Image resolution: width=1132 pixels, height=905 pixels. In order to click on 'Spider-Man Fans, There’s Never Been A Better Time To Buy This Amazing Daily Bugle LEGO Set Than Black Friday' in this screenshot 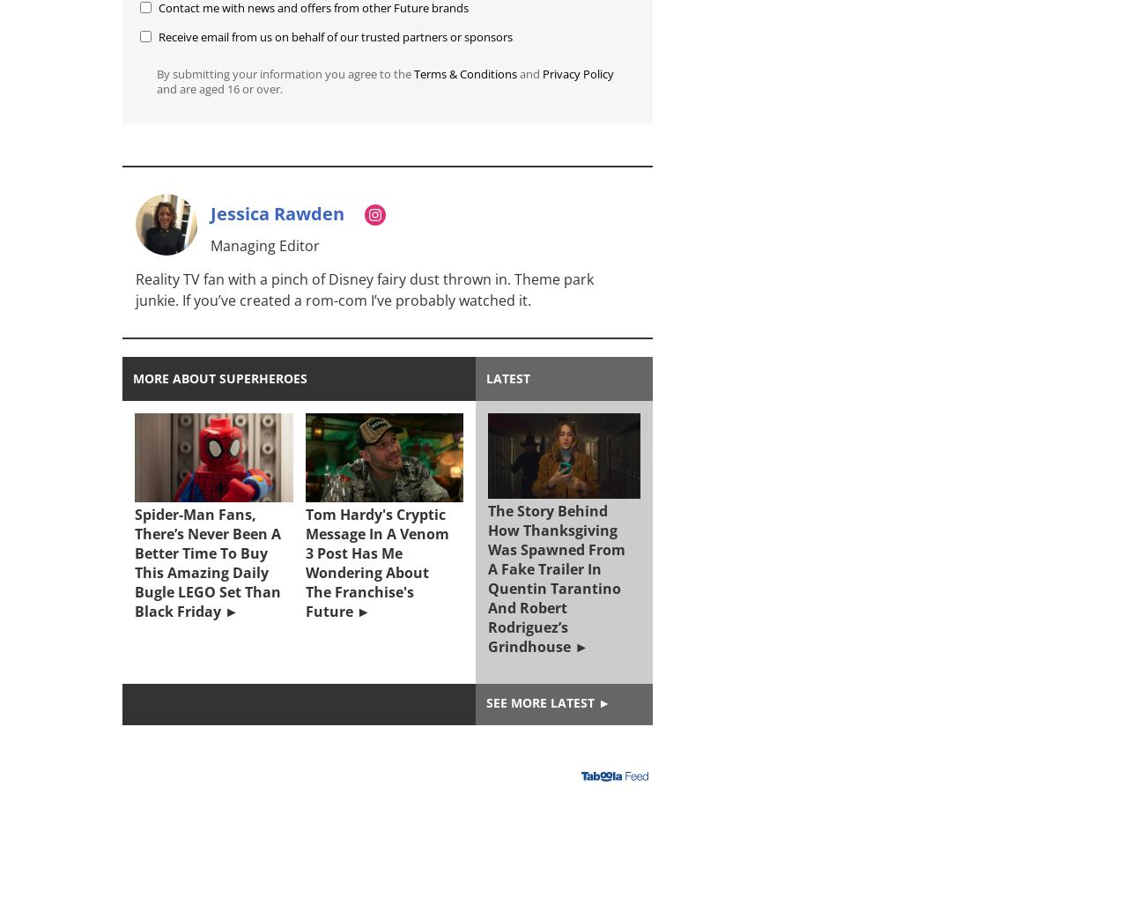, I will do `click(207, 560)`.